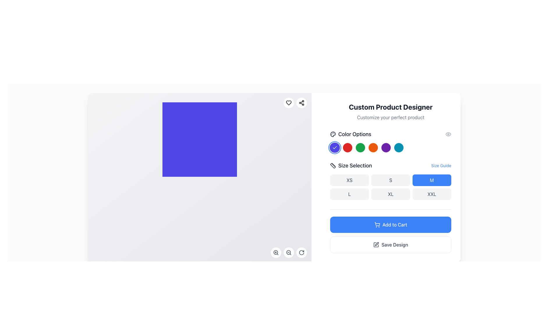  What do you see at coordinates (289, 252) in the screenshot?
I see `the zoom-out button located at the bottom right of the layout, situated between the zoom-in icon on the left and the reset icon on the right` at bounding box center [289, 252].